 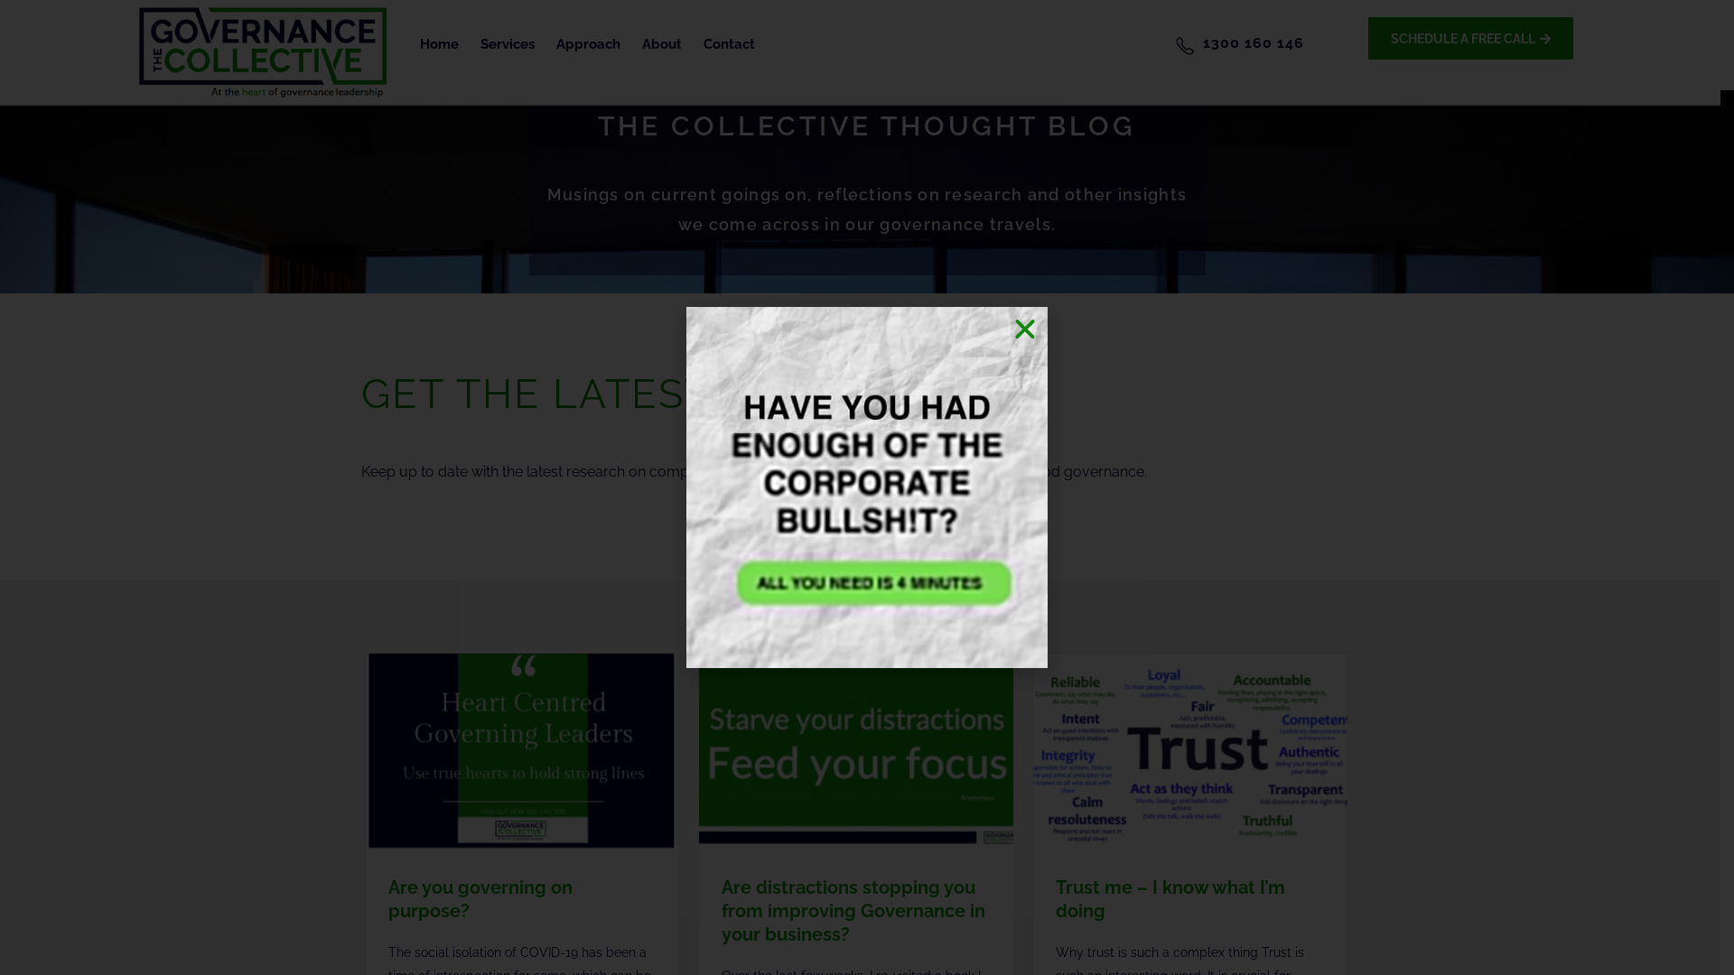 I want to click on 'SCHEDULE A FREE CALL', so click(x=1470, y=38).